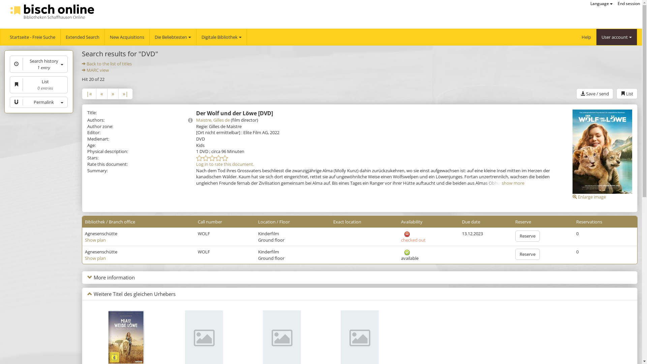  Describe the element at coordinates (127, 37) in the screenshot. I see `'New Acquisitions'` at that location.